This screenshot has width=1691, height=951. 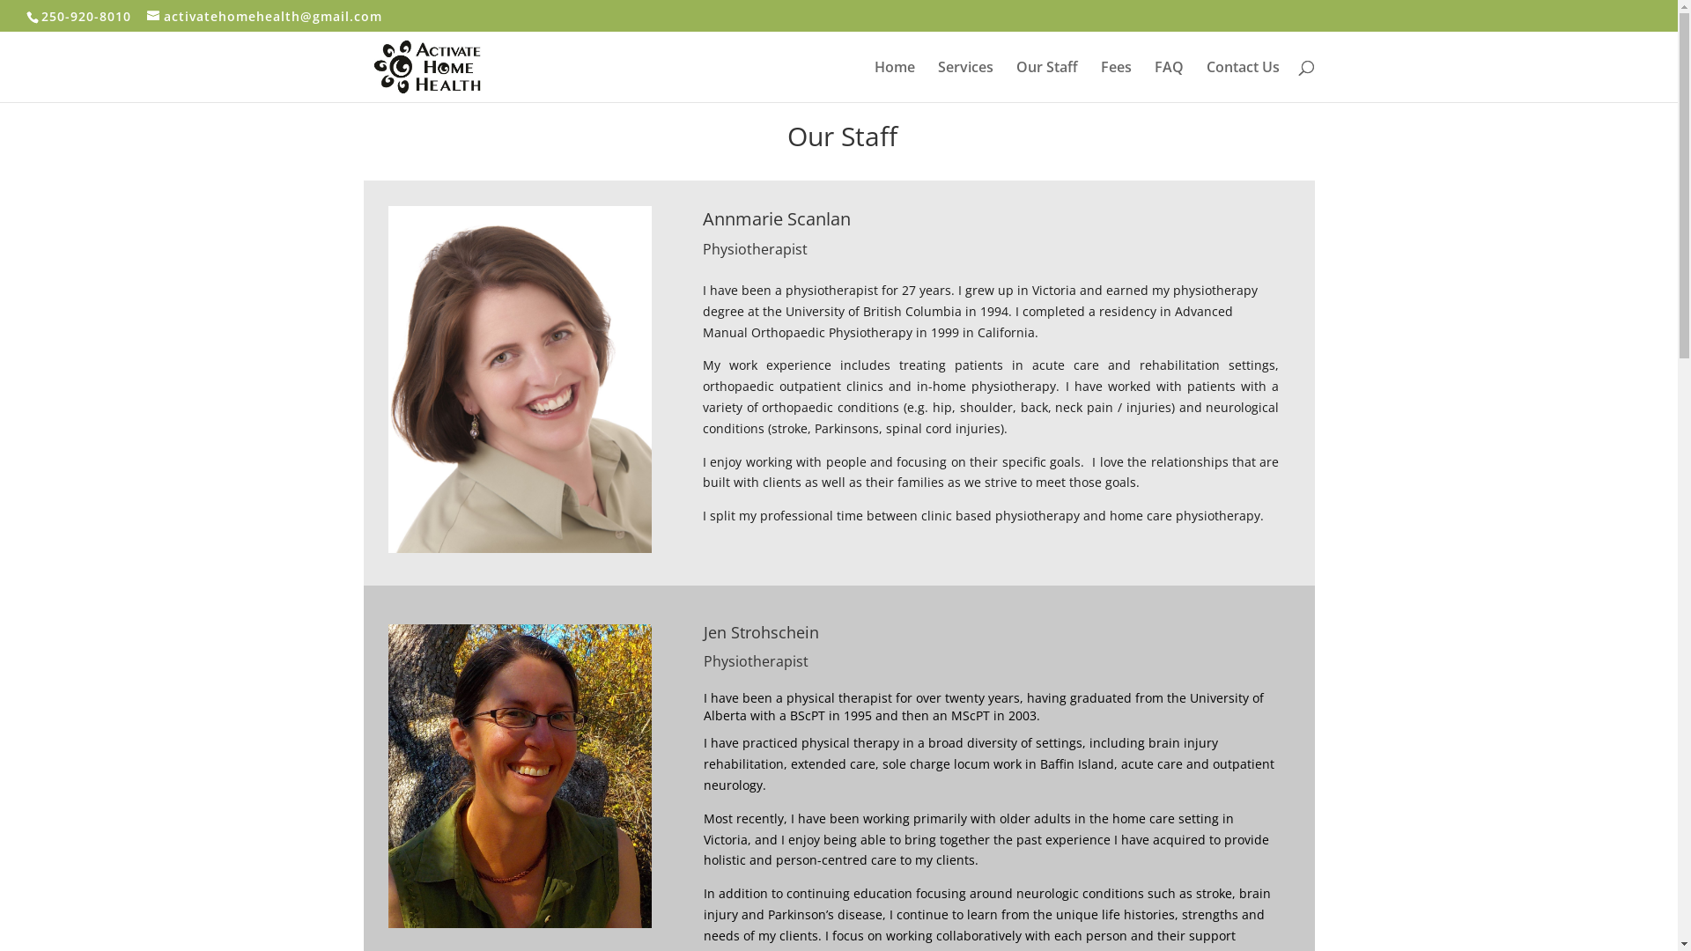 What do you see at coordinates (893, 81) in the screenshot?
I see `'Home'` at bounding box center [893, 81].